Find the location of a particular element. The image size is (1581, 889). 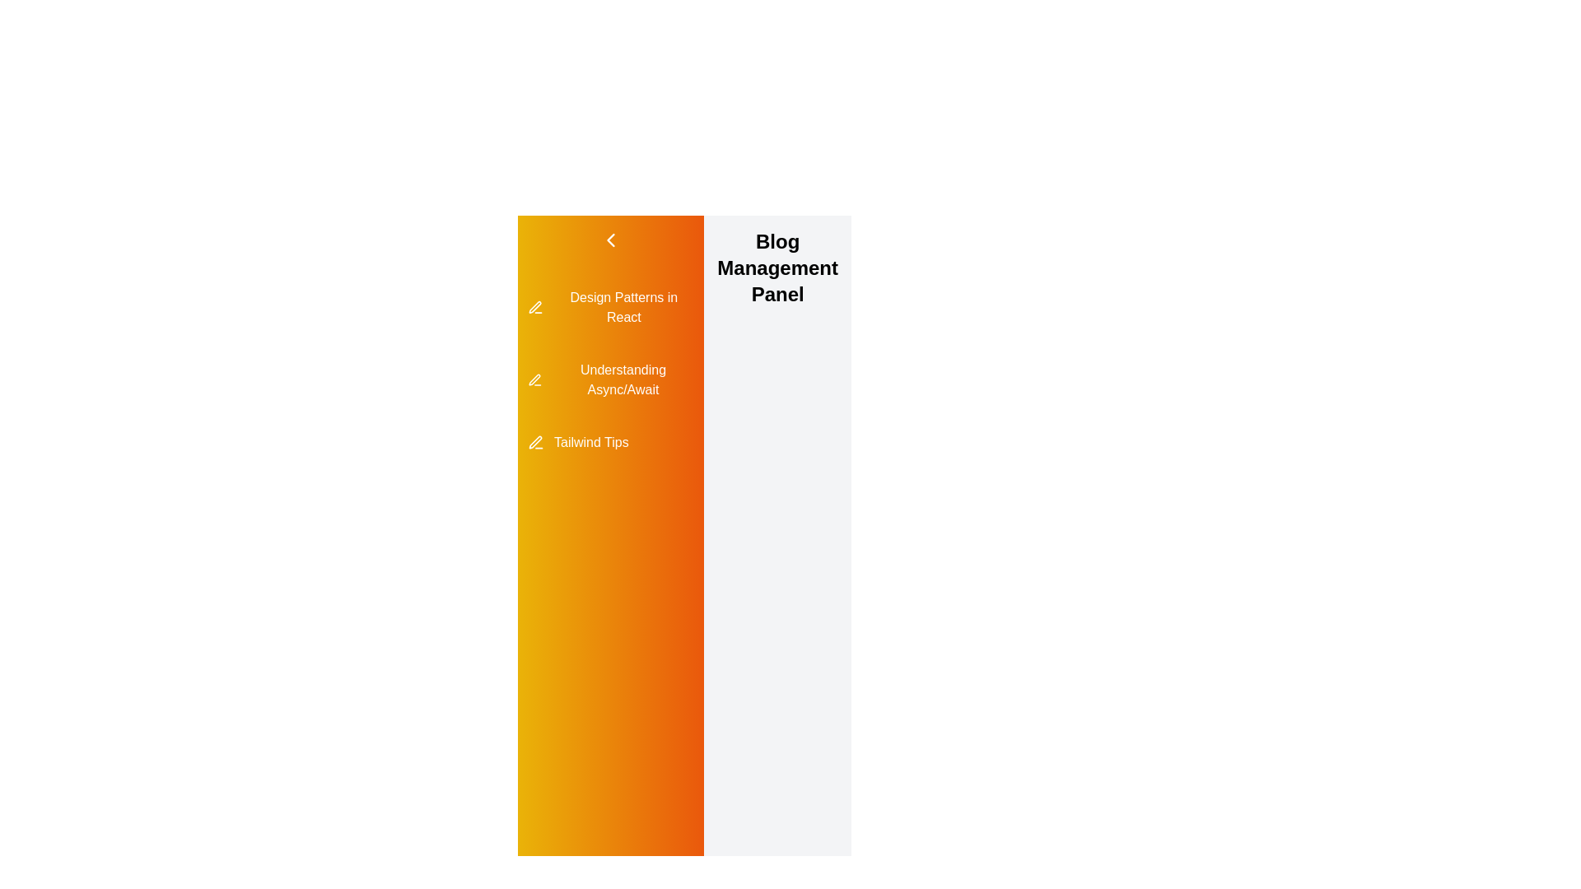

the main panel area labeled 'Blog Management Panel' is located at coordinates (777, 659).